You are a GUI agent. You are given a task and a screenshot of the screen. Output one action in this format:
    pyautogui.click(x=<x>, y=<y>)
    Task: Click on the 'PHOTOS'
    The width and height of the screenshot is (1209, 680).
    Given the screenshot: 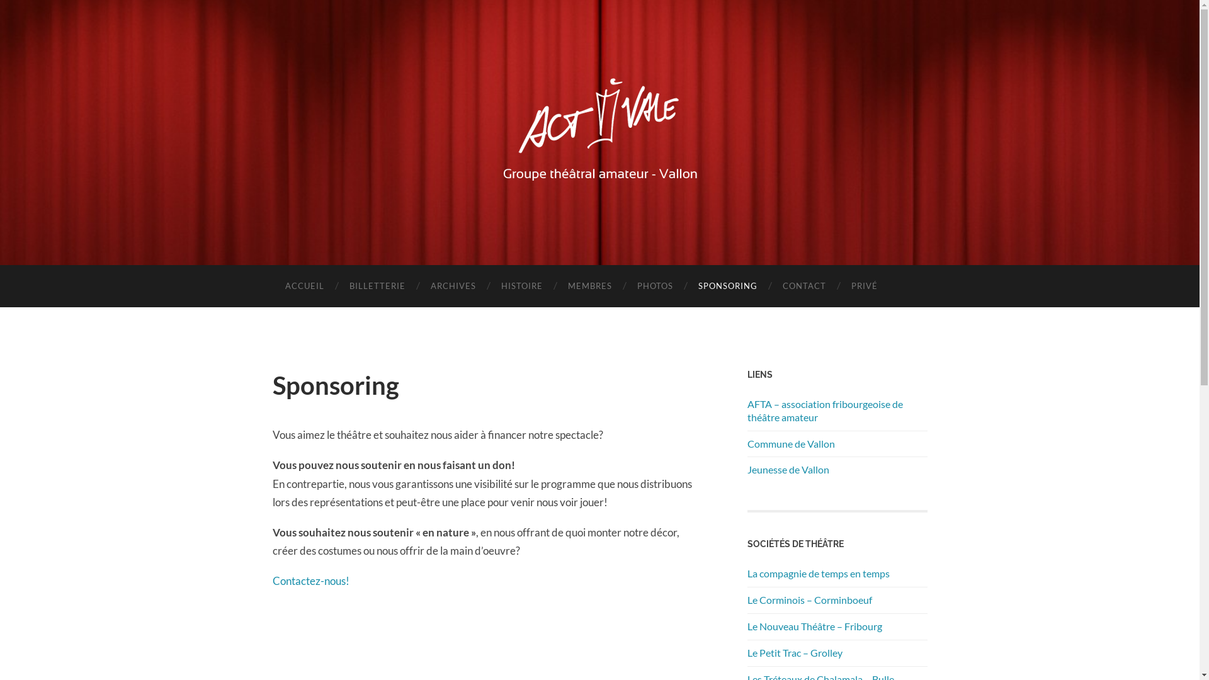 What is the action you would take?
    pyautogui.click(x=655, y=286)
    